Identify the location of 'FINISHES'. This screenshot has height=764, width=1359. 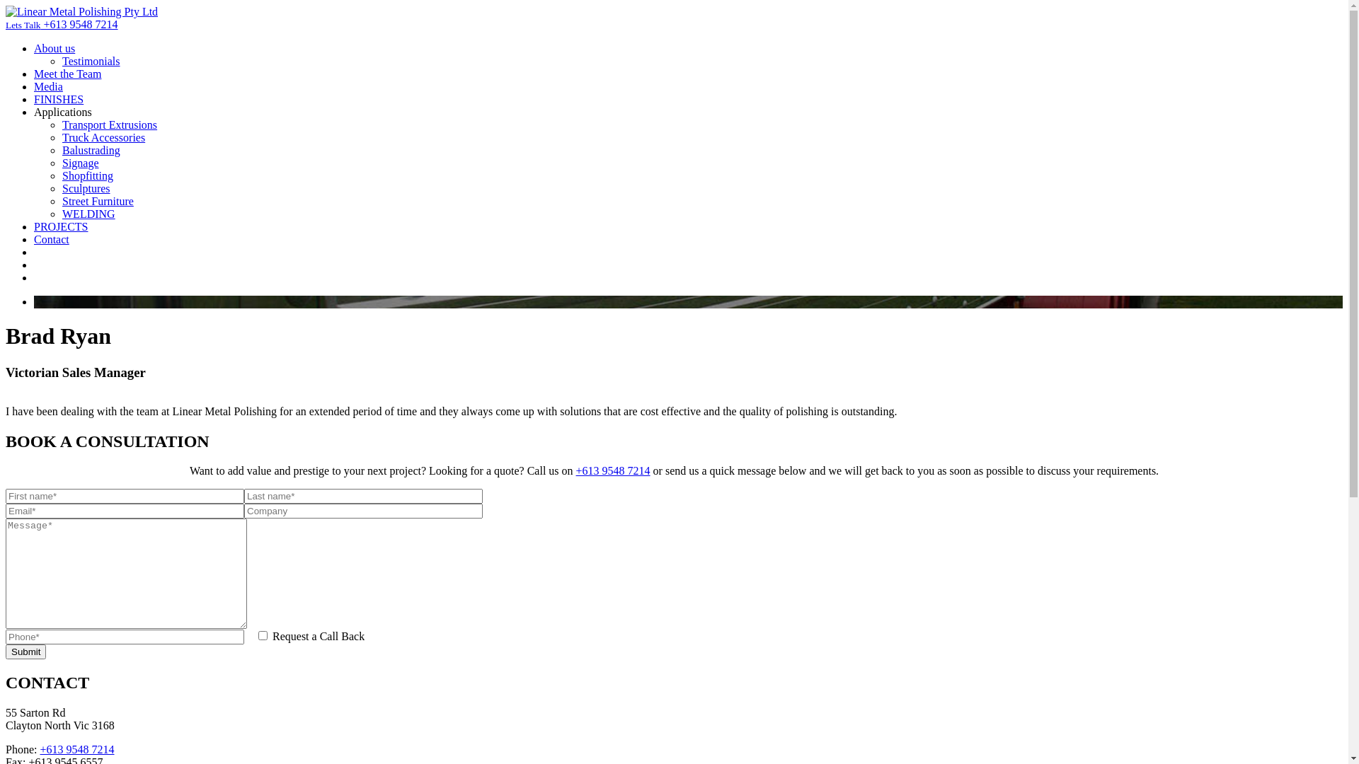
(34, 98).